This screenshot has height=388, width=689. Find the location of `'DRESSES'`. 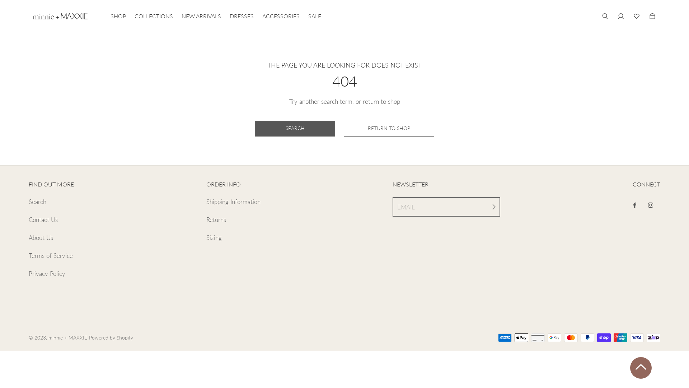

'DRESSES' is located at coordinates (242, 16).